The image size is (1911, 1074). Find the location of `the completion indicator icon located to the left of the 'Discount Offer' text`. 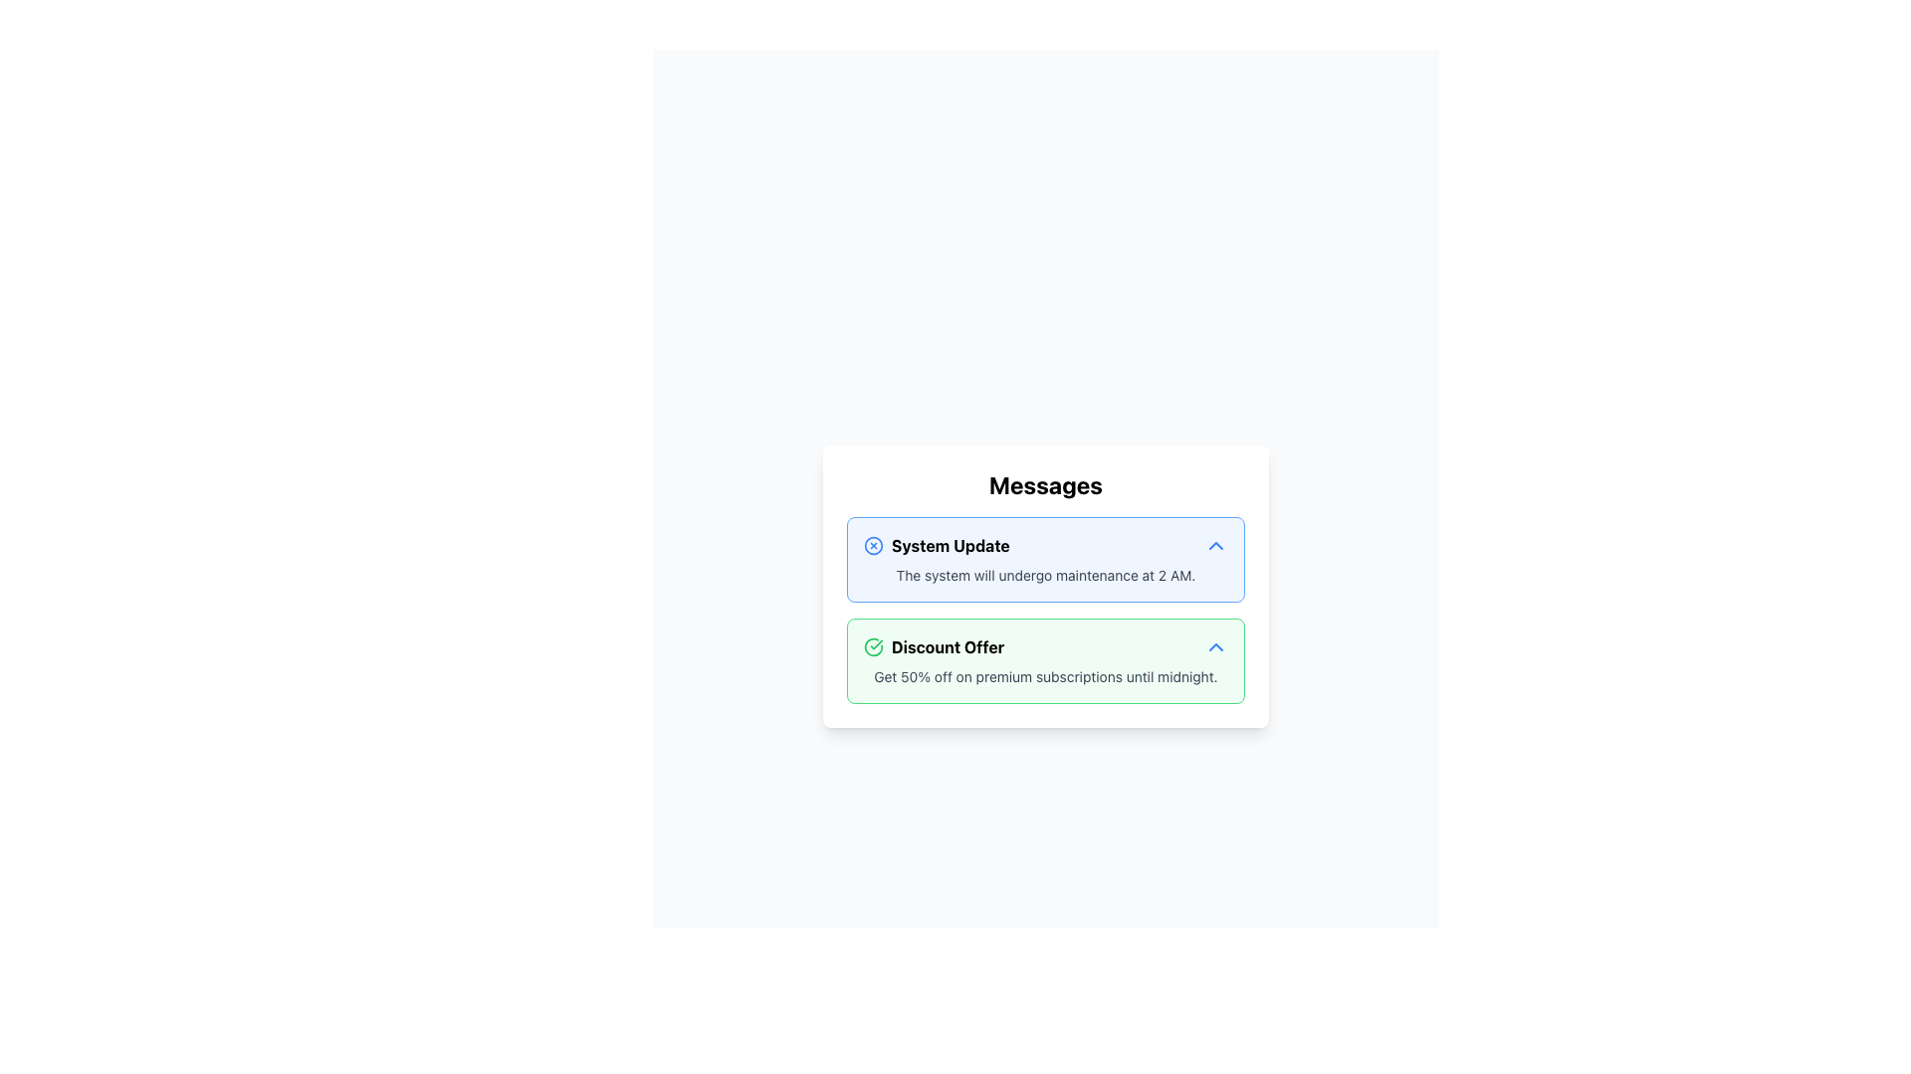

the completion indicator icon located to the left of the 'Discount Offer' text is located at coordinates (874, 647).